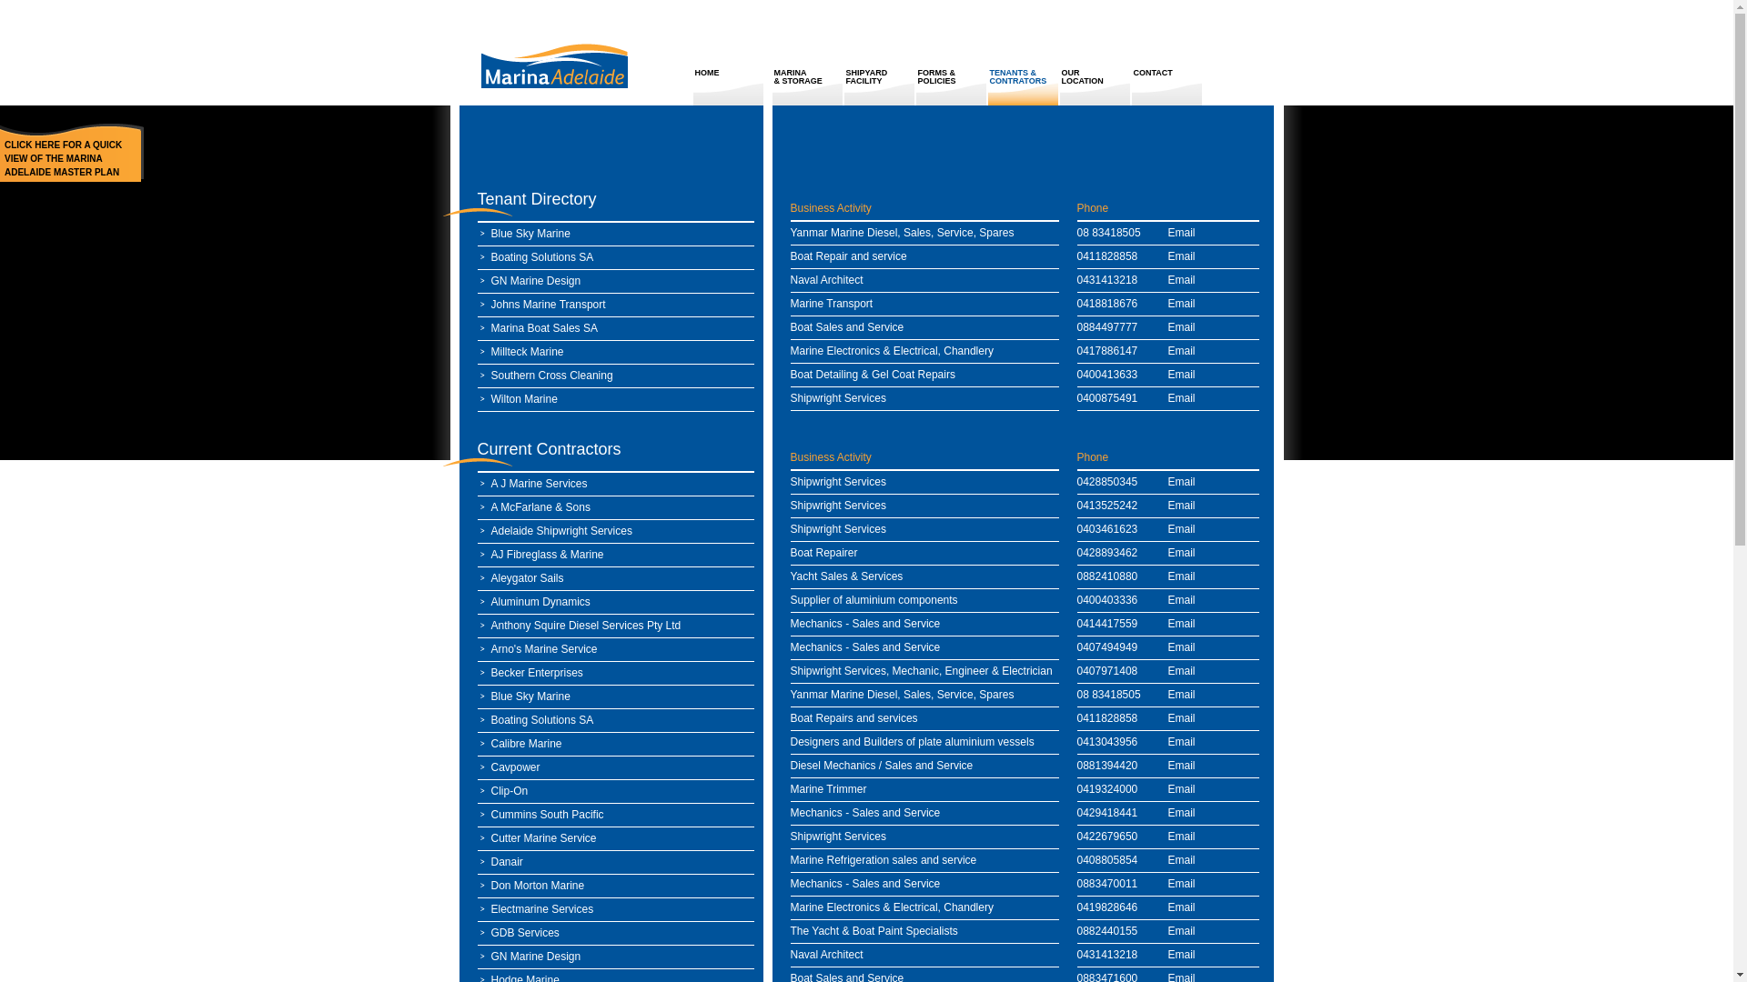  What do you see at coordinates (1182, 953) in the screenshot?
I see `'Email'` at bounding box center [1182, 953].